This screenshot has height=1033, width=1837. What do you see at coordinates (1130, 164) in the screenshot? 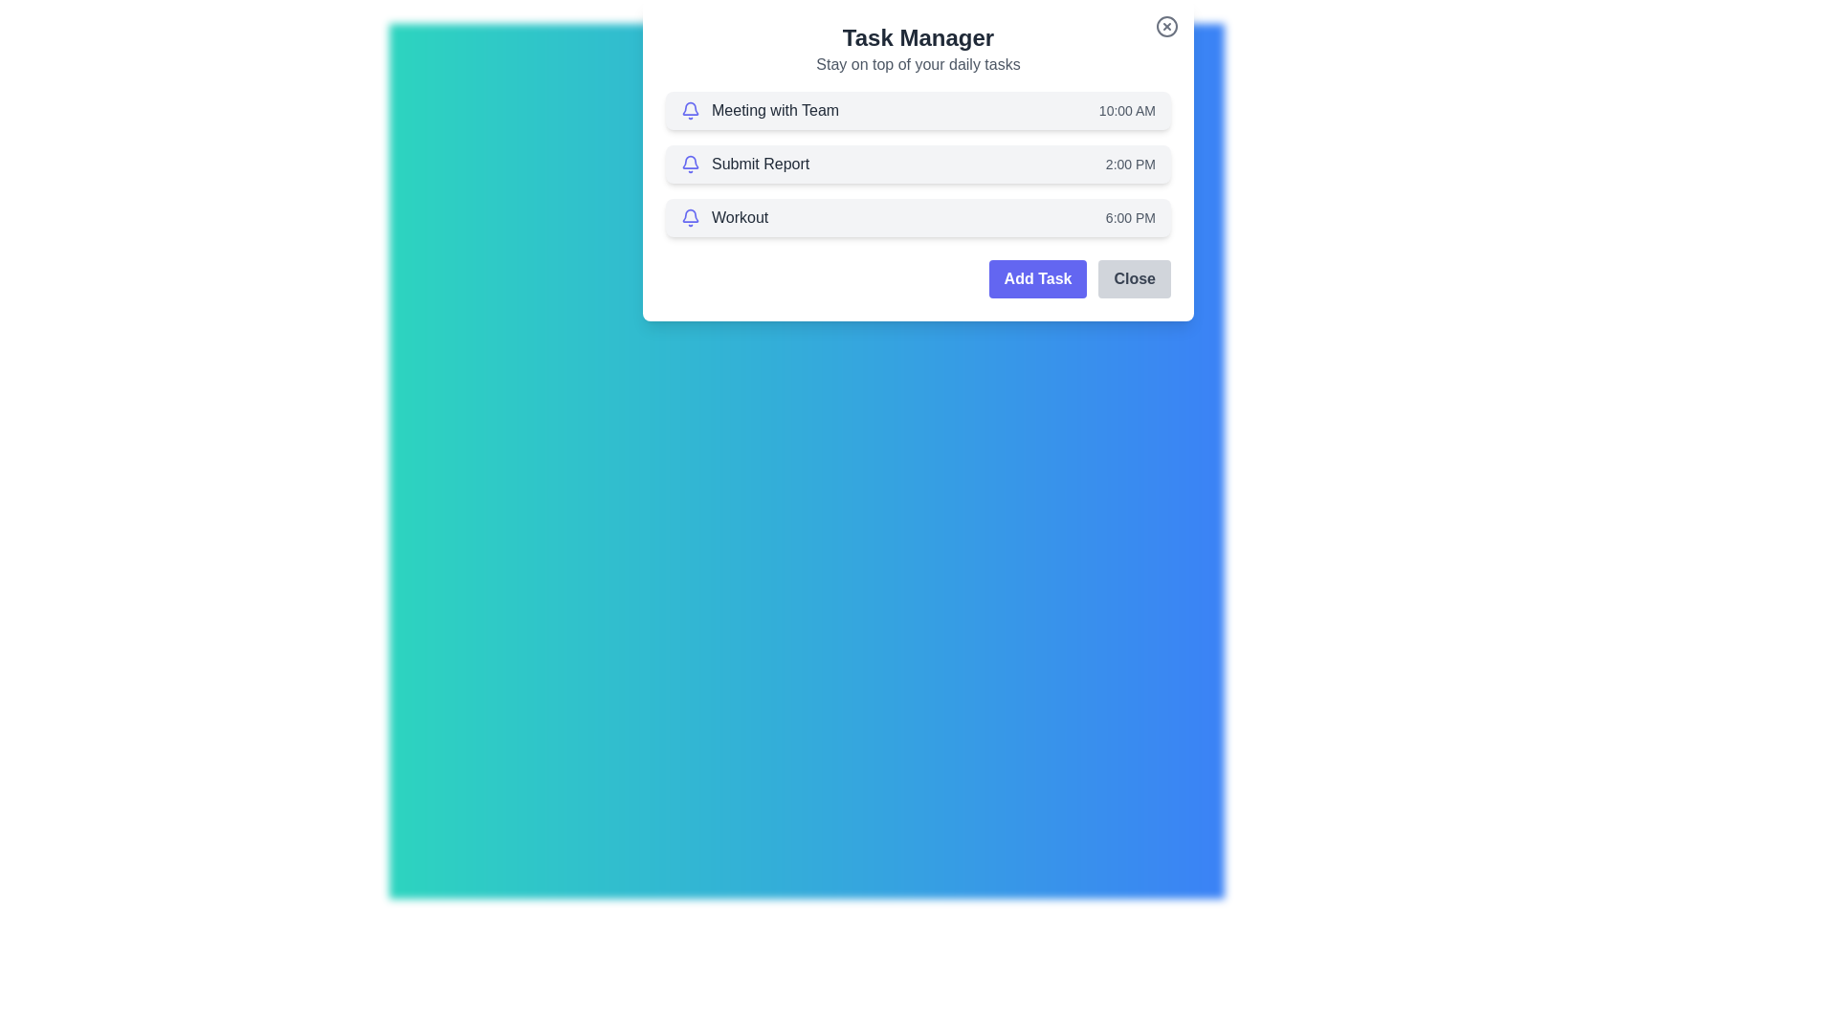
I see `the static text label displaying the time '2:00 PM' located in the 'Submit Report' task box, aligned to the right` at bounding box center [1130, 164].